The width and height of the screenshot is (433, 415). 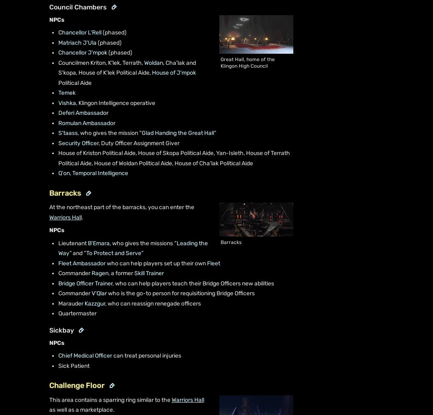 What do you see at coordinates (34, 395) in the screenshot?
I see `'What is Fandom?'` at bounding box center [34, 395].